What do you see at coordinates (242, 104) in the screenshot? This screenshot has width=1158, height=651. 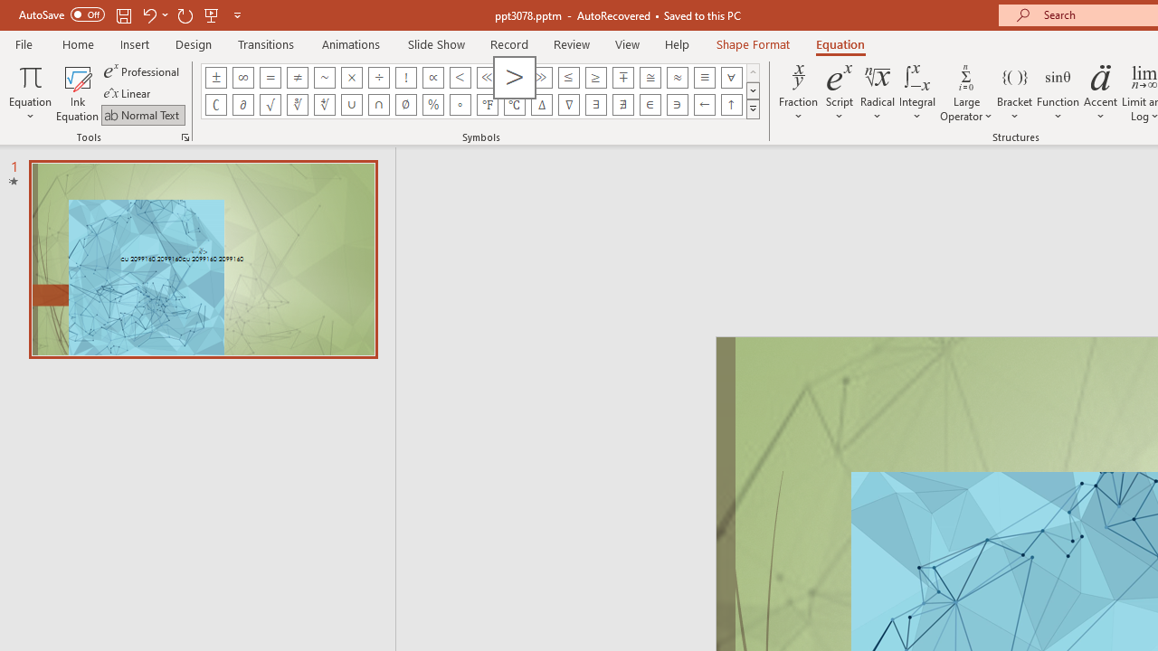 I see `'Equation Symbol Partial Differential'` at bounding box center [242, 104].